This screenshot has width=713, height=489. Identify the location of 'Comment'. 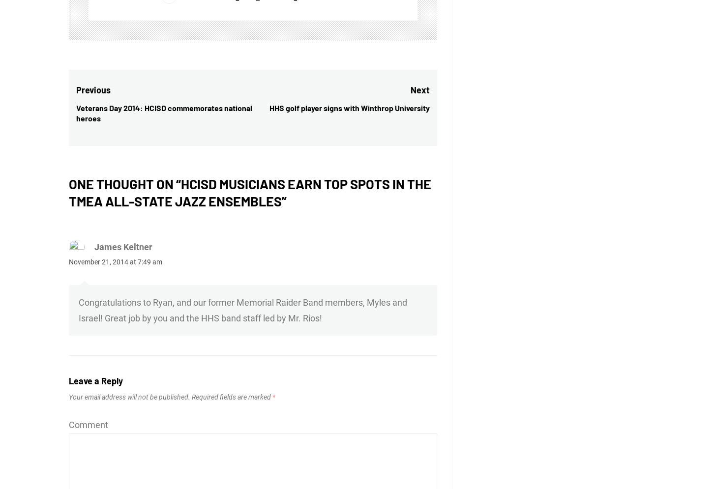
(68, 425).